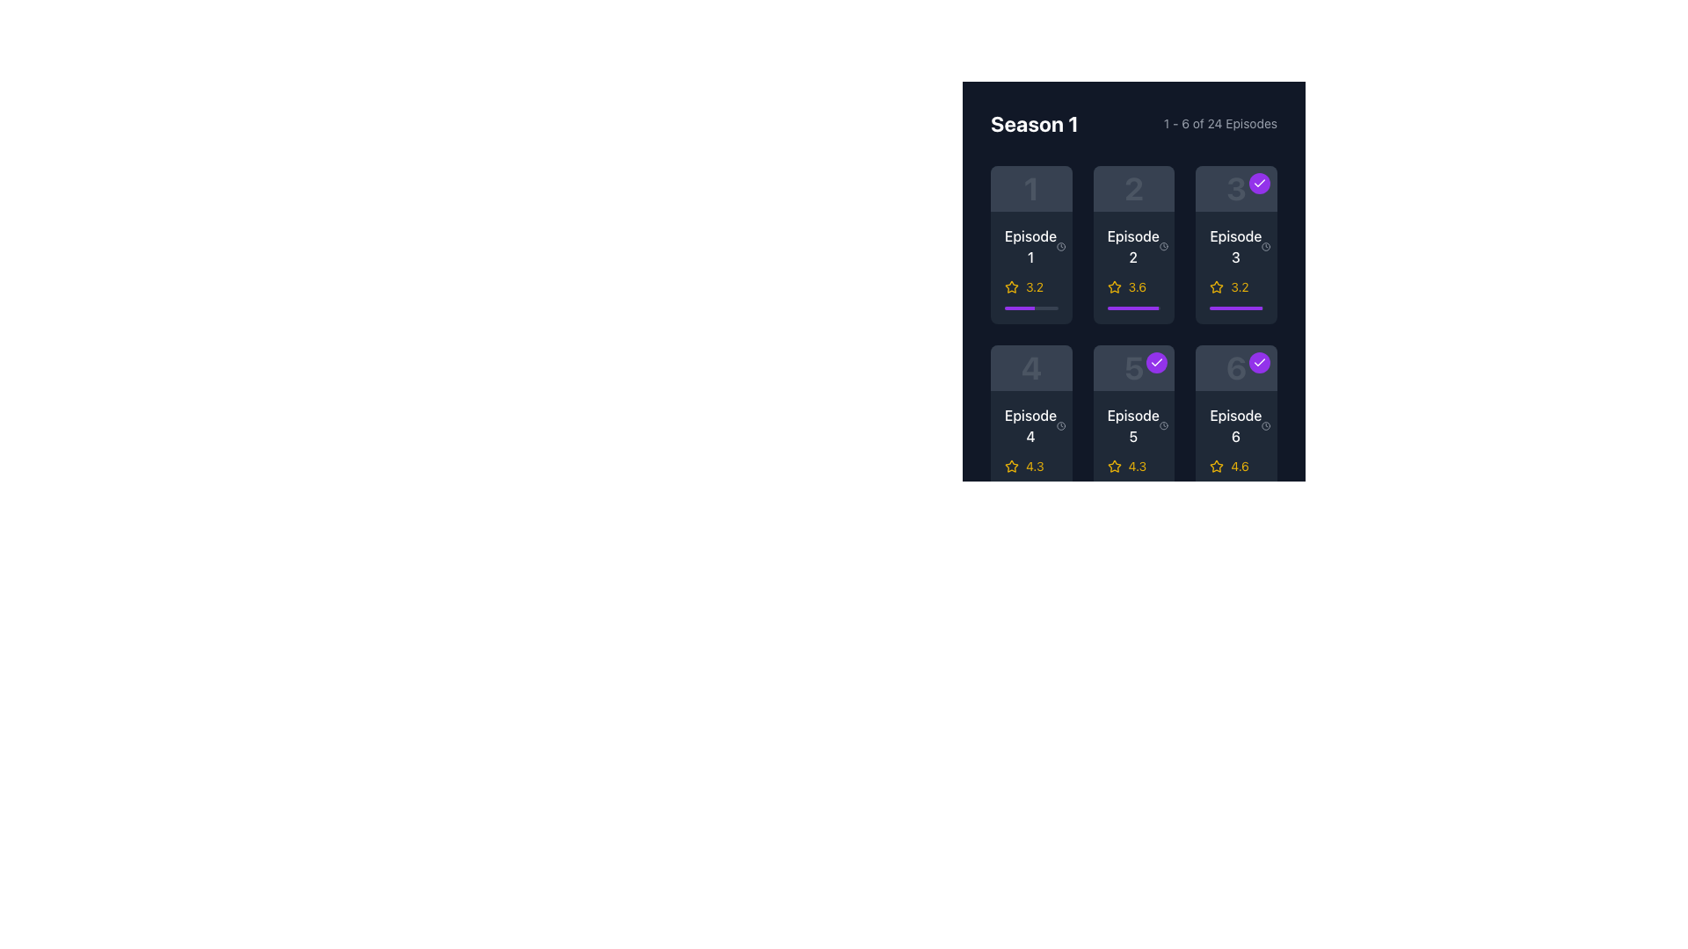 This screenshot has width=1688, height=949. Describe the element at coordinates (1157, 362) in the screenshot. I see `the circular status icon located in the top-right corner of the card representing Episode 5` at that location.